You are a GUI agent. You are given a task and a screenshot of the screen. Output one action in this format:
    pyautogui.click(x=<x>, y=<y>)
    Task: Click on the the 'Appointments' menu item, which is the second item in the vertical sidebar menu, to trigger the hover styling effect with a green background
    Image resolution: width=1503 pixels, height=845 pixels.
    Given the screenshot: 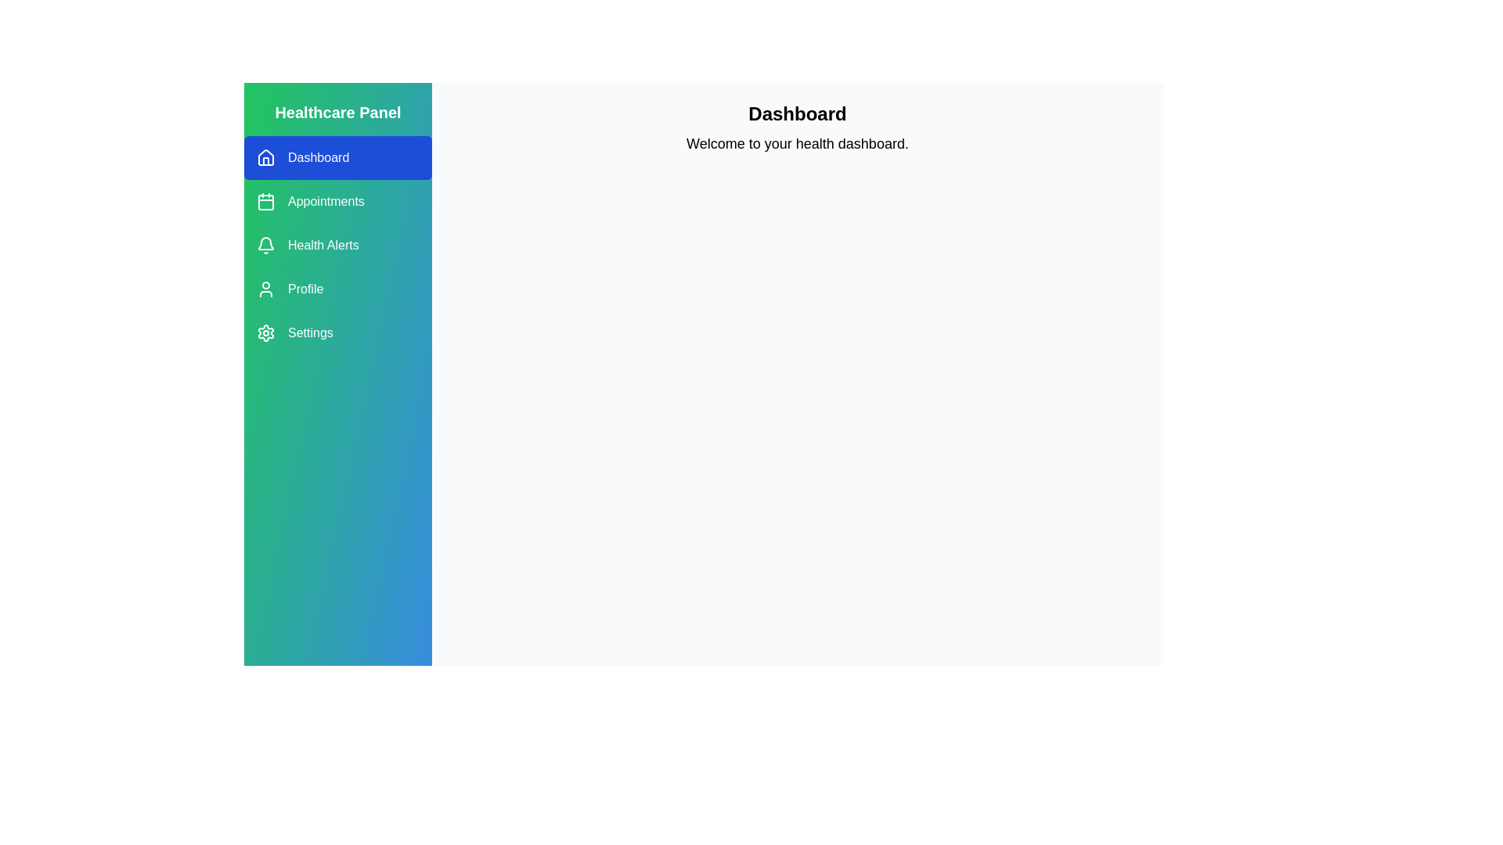 What is the action you would take?
    pyautogui.click(x=337, y=201)
    